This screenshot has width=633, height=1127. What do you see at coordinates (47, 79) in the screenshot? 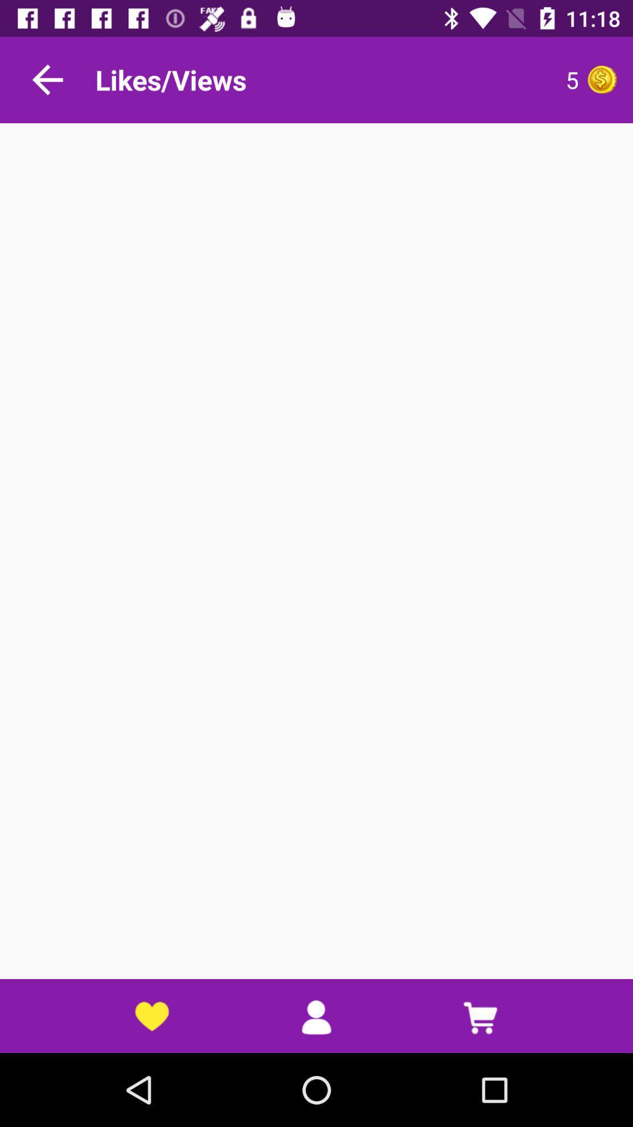
I see `go back` at bounding box center [47, 79].